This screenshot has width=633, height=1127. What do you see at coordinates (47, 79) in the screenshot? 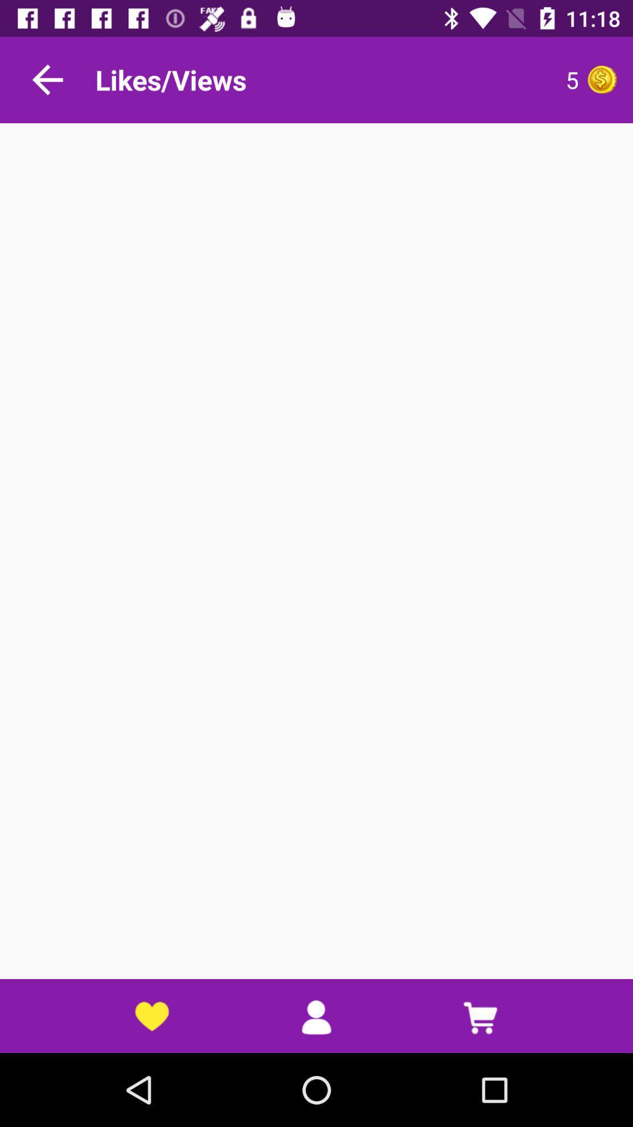
I see `go back` at bounding box center [47, 79].